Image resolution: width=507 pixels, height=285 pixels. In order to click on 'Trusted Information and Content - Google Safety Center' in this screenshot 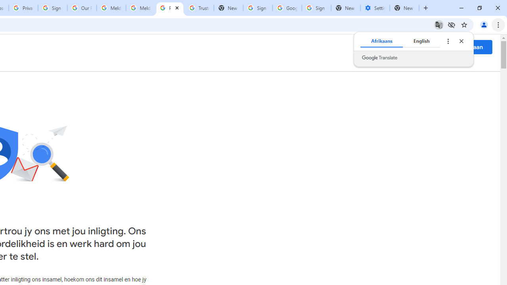, I will do `click(199, 8)`.